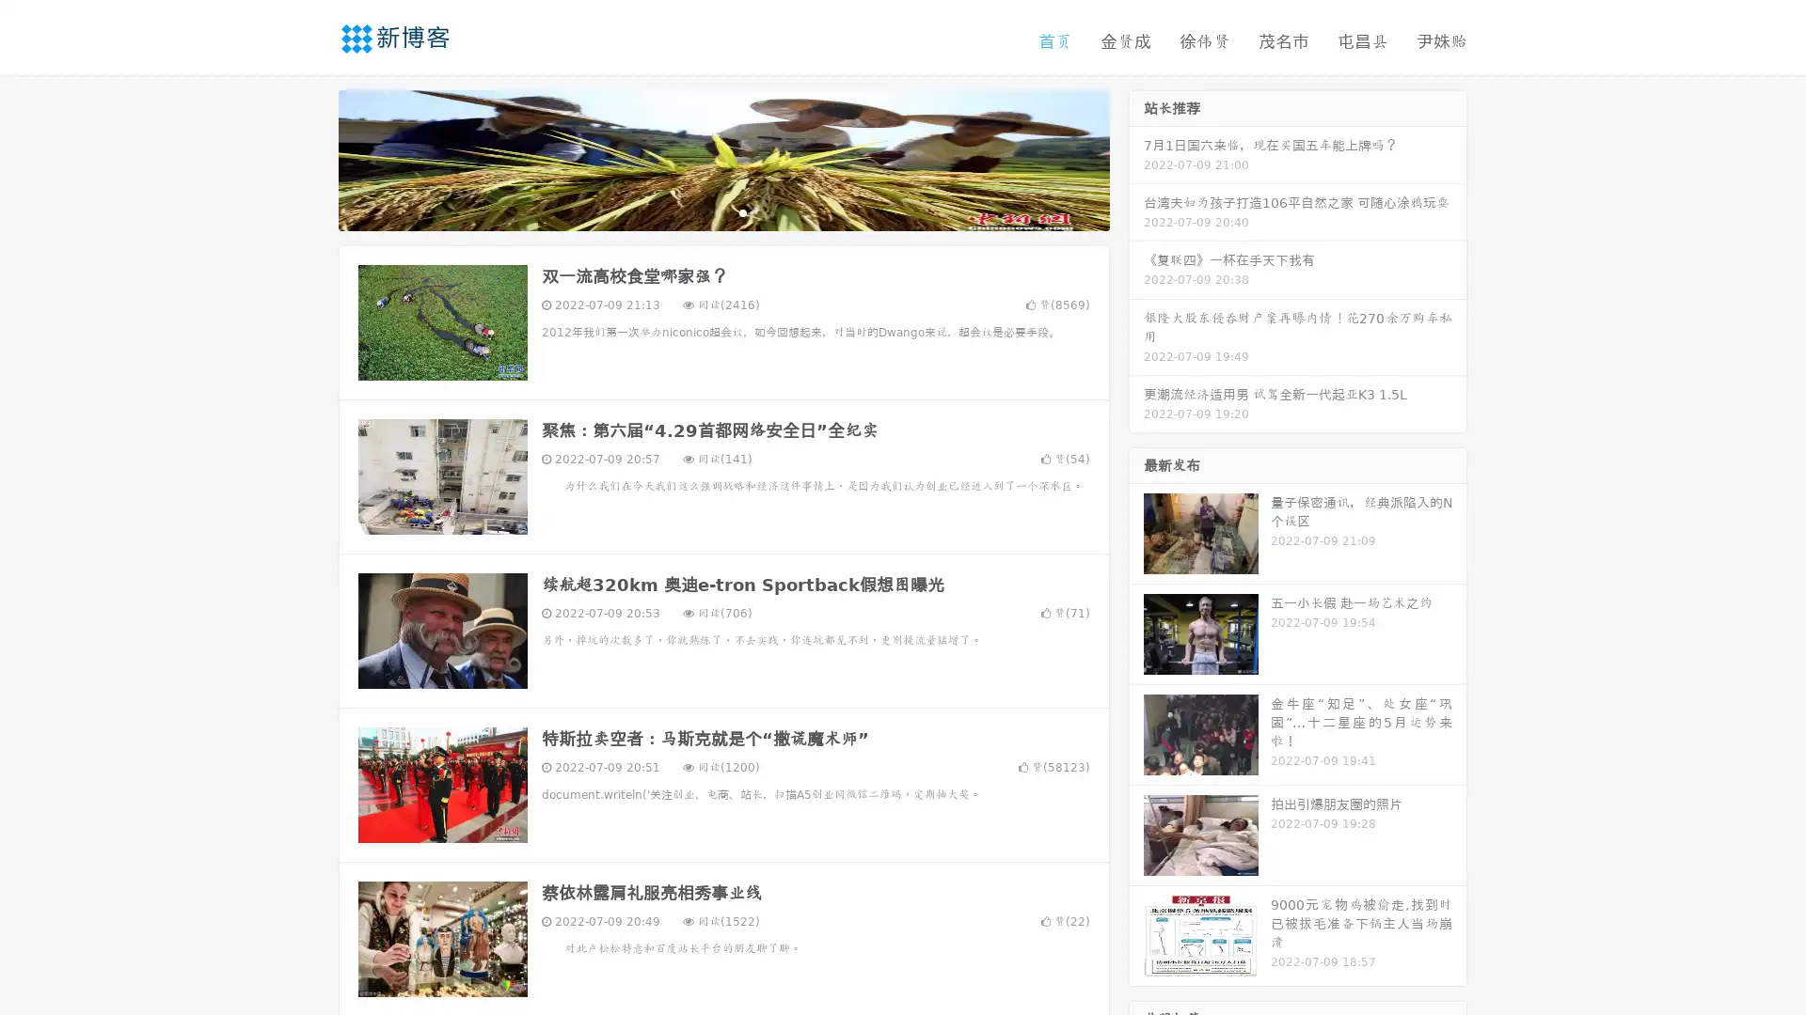 The height and width of the screenshot is (1015, 1806). Describe the element at coordinates (1136, 158) in the screenshot. I see `Next slide` at that location.